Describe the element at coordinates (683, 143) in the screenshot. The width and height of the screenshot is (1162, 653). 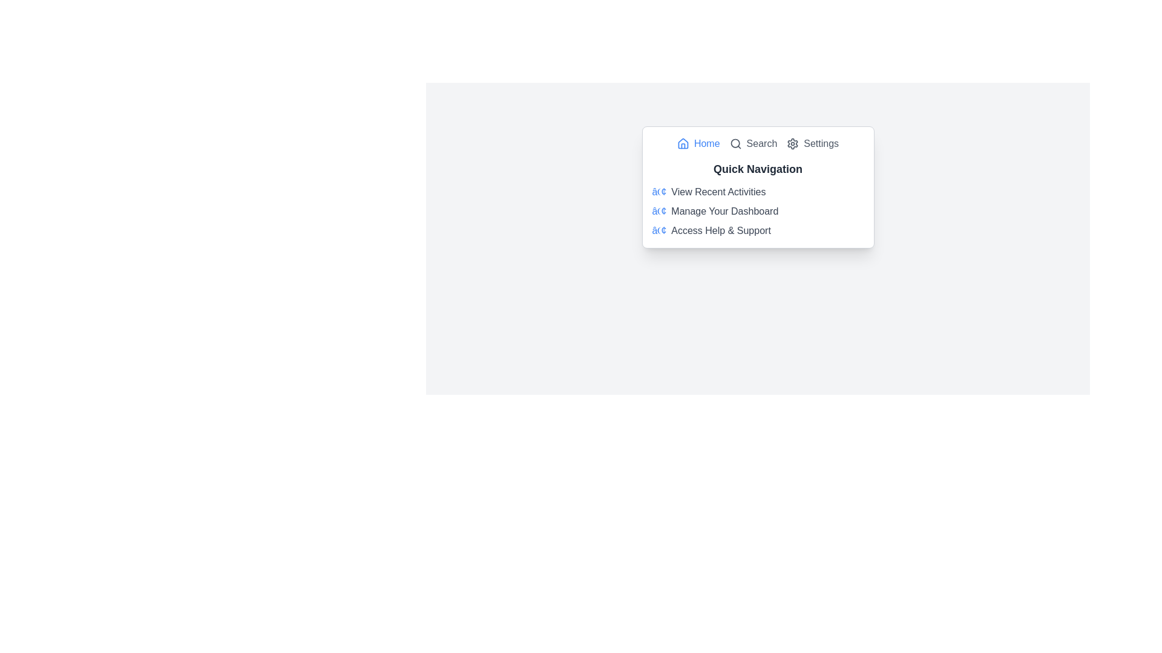
I see `the 'Home' SVG icon located in the navigation bar at the top of the menu` at that location.